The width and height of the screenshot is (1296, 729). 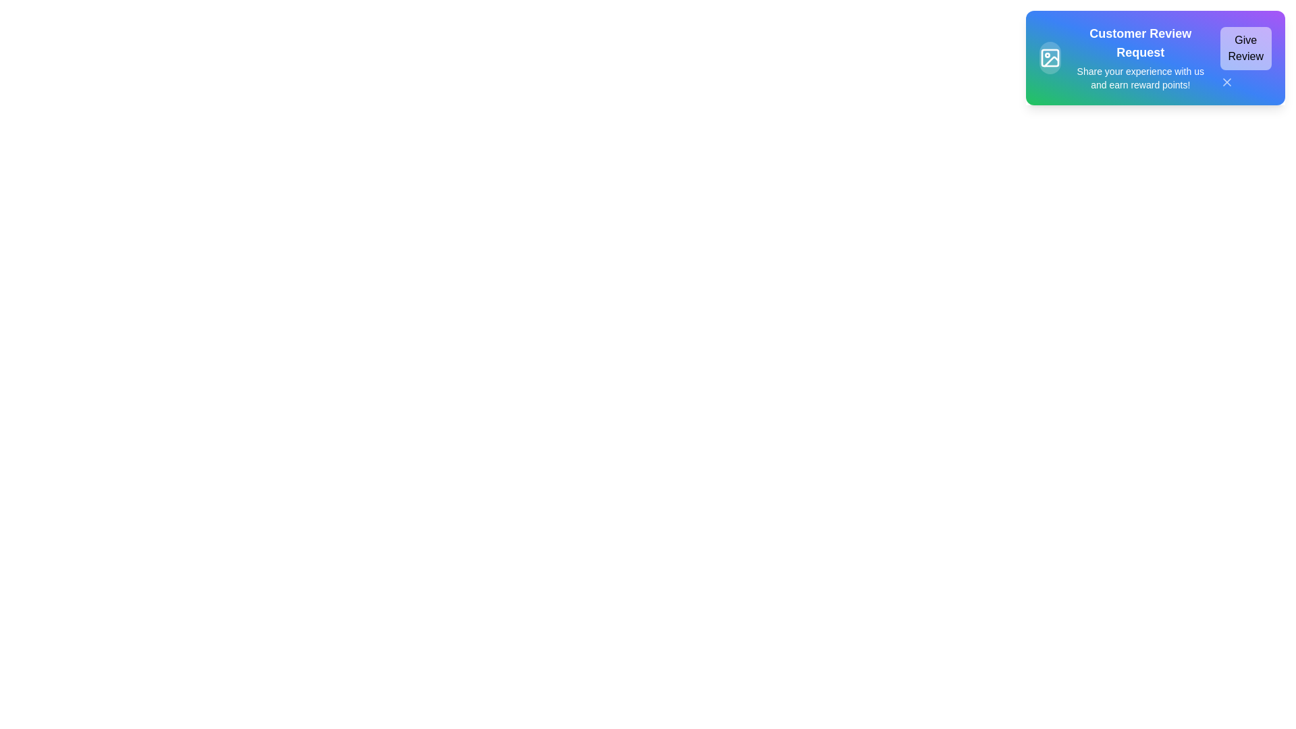 I want to click on the 'Give Review' button to observe the hover effect, so click(x=1245, y=48).